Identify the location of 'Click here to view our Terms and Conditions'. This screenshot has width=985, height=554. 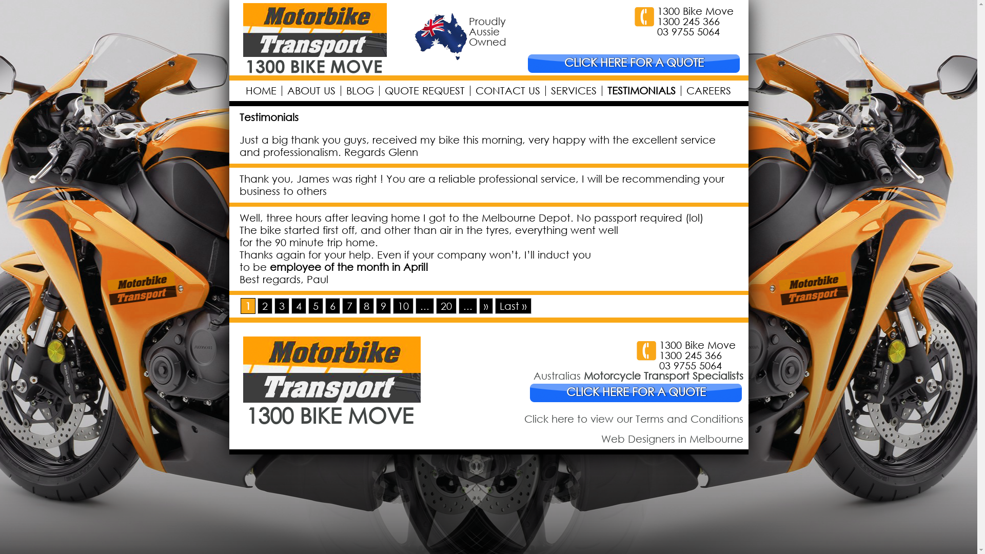
(633, 419).